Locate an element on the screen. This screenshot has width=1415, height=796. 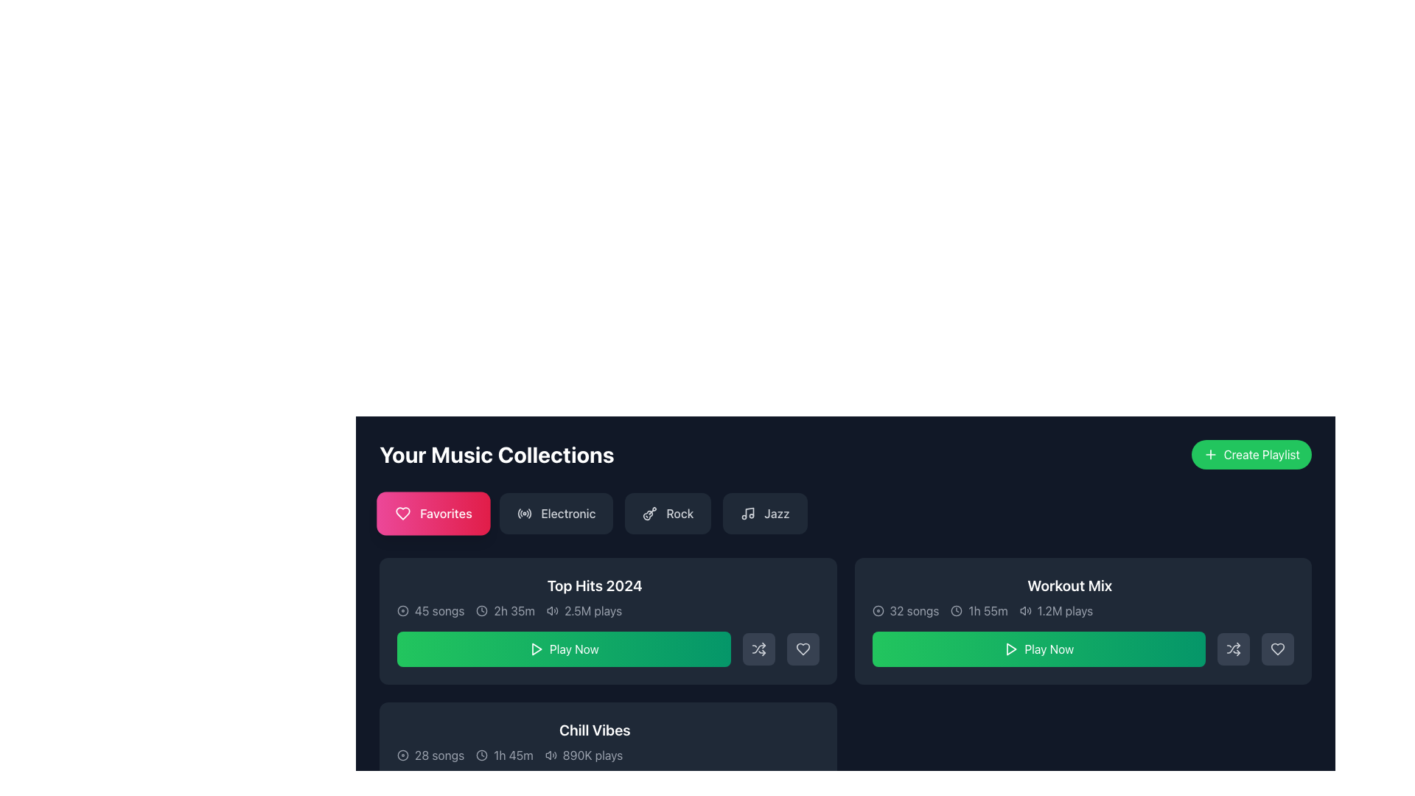
the decorative arc in the SVG icon, which is a curved line forming an arc in the top-left quadrant of the graphic is located at coordinates (520, 513).